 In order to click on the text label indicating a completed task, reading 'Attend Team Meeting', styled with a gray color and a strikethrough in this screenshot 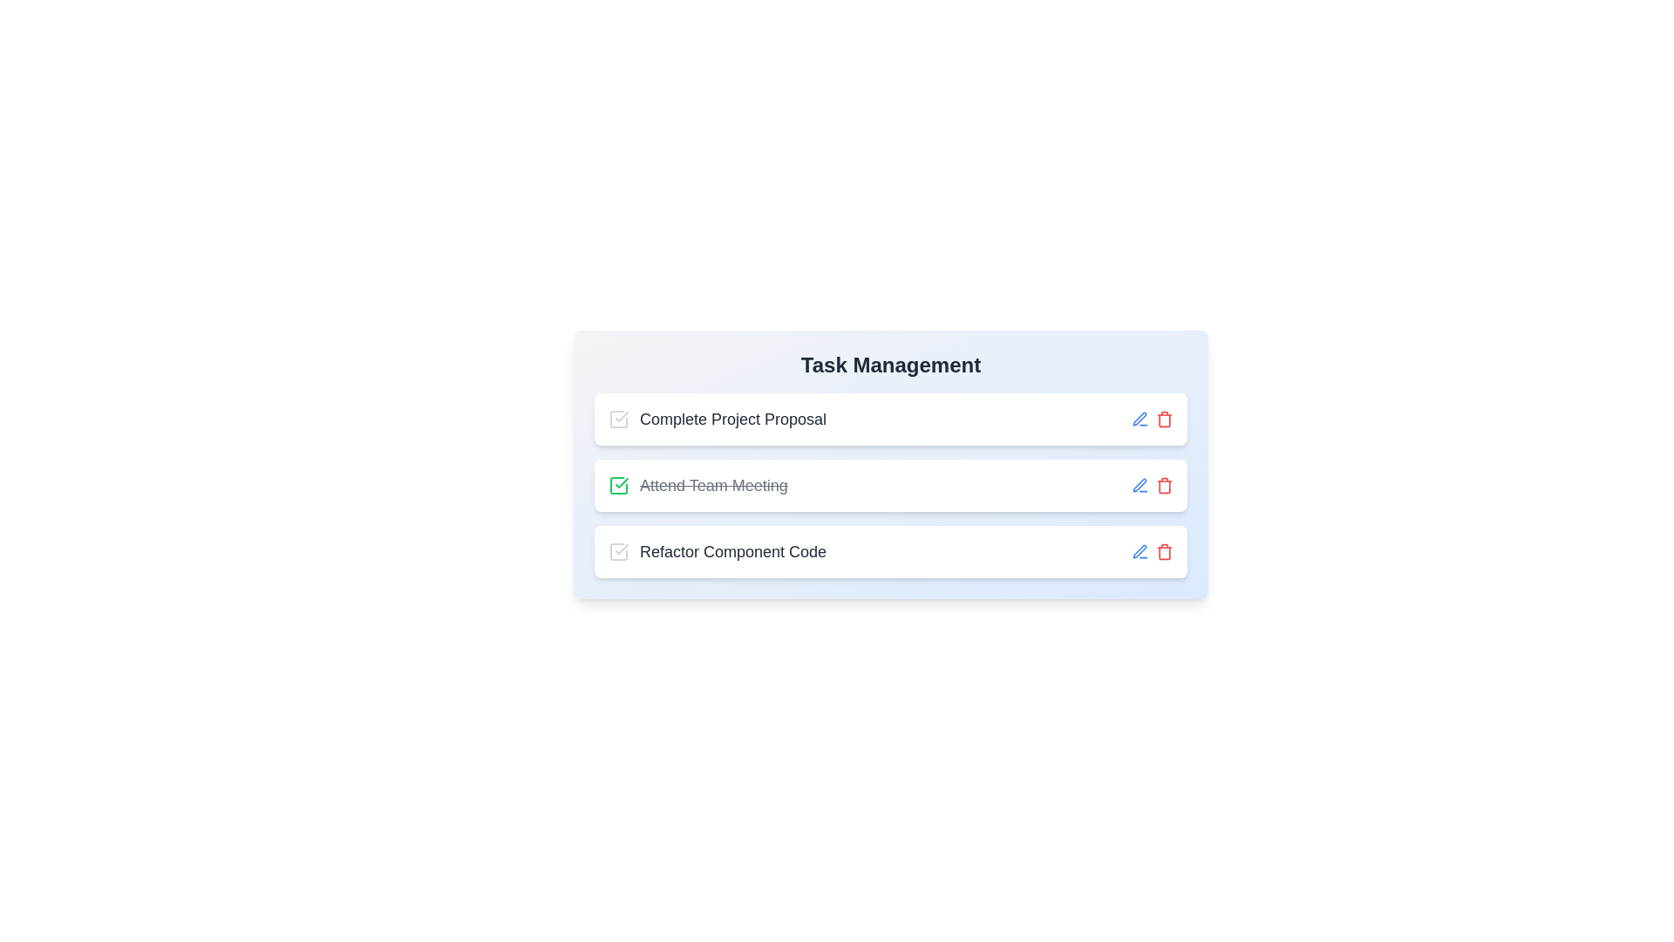, I will do `click(713, 485)`.